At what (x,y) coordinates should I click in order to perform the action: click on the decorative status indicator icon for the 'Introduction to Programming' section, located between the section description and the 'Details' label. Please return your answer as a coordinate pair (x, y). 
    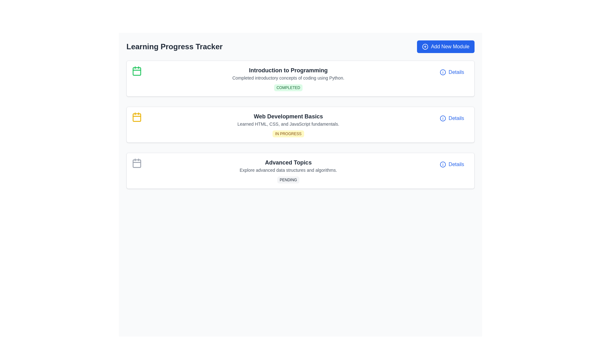
    Looking at the image, I should click on (443, 72).